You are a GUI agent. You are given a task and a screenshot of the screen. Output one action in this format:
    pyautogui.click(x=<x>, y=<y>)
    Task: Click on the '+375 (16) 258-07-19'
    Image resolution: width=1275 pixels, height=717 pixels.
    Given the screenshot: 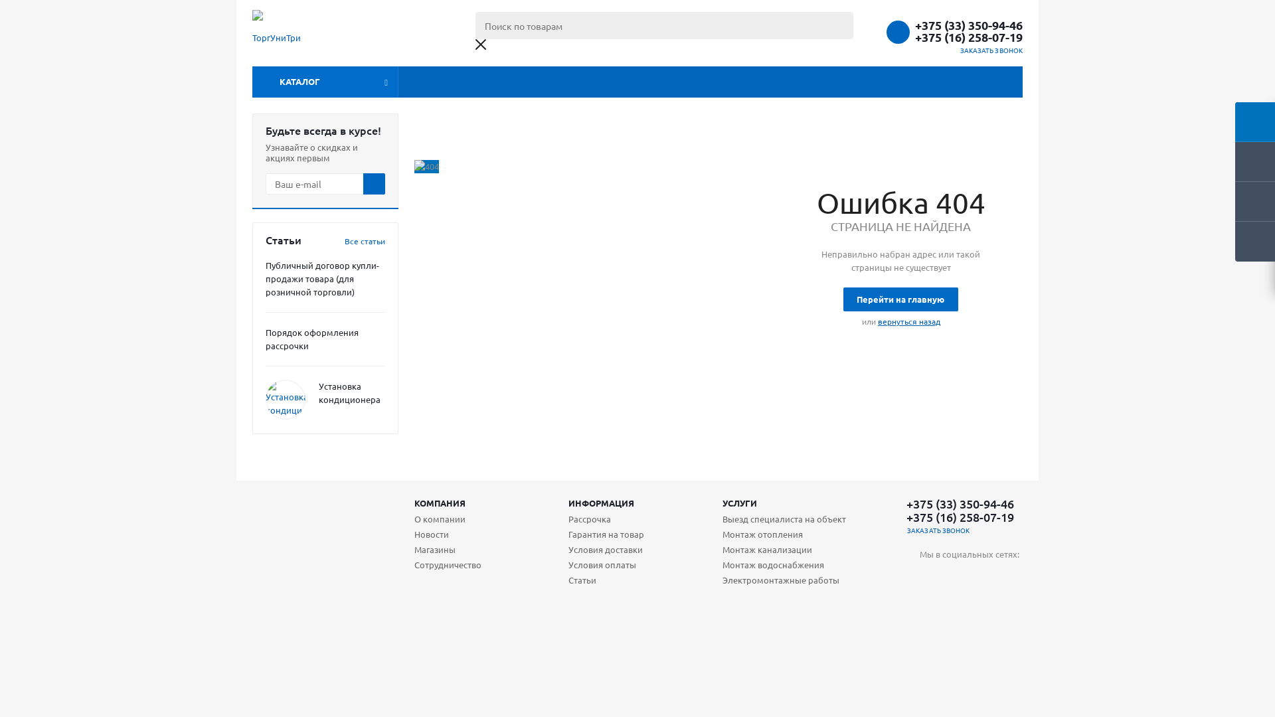 What is the action you would take?
    pyautogui.click(x=960, y=517)
    